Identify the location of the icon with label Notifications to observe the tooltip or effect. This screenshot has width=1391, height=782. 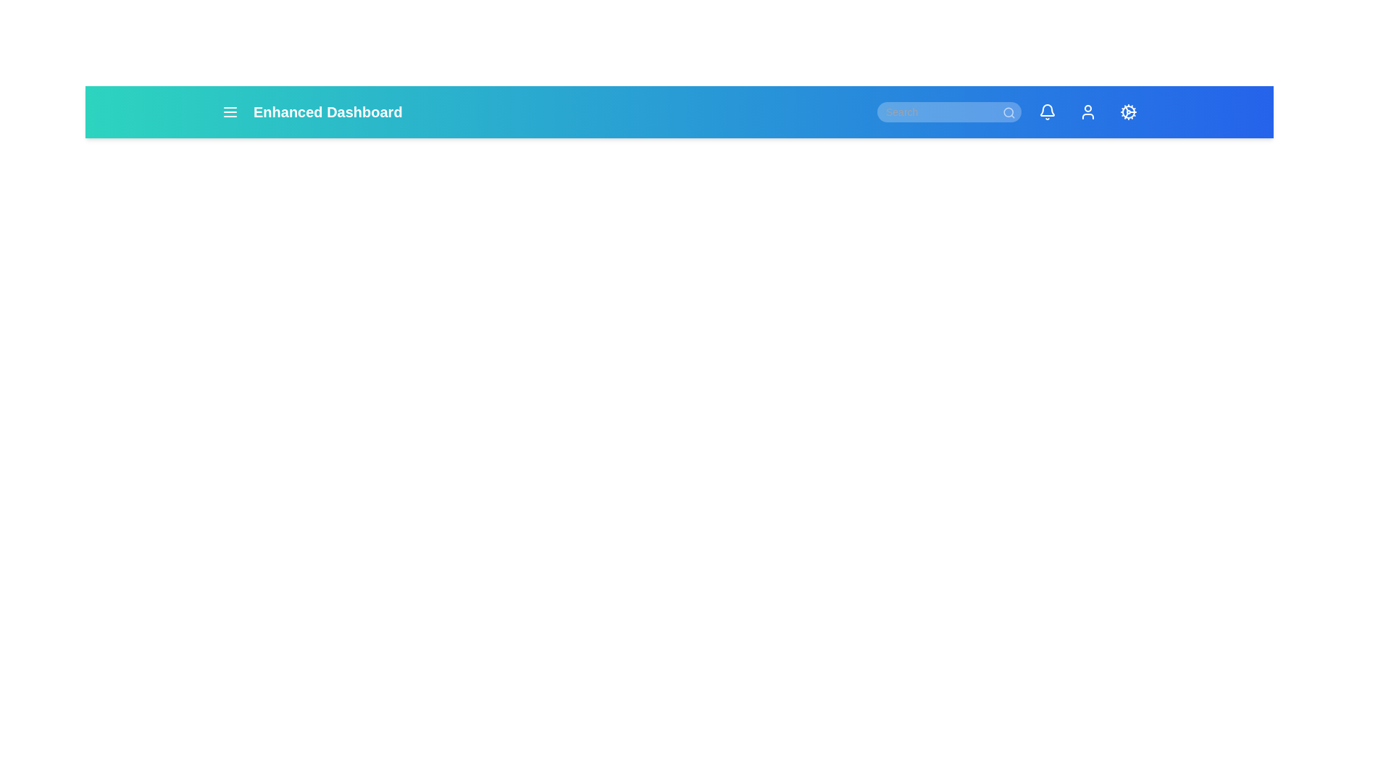
(1047, 111).